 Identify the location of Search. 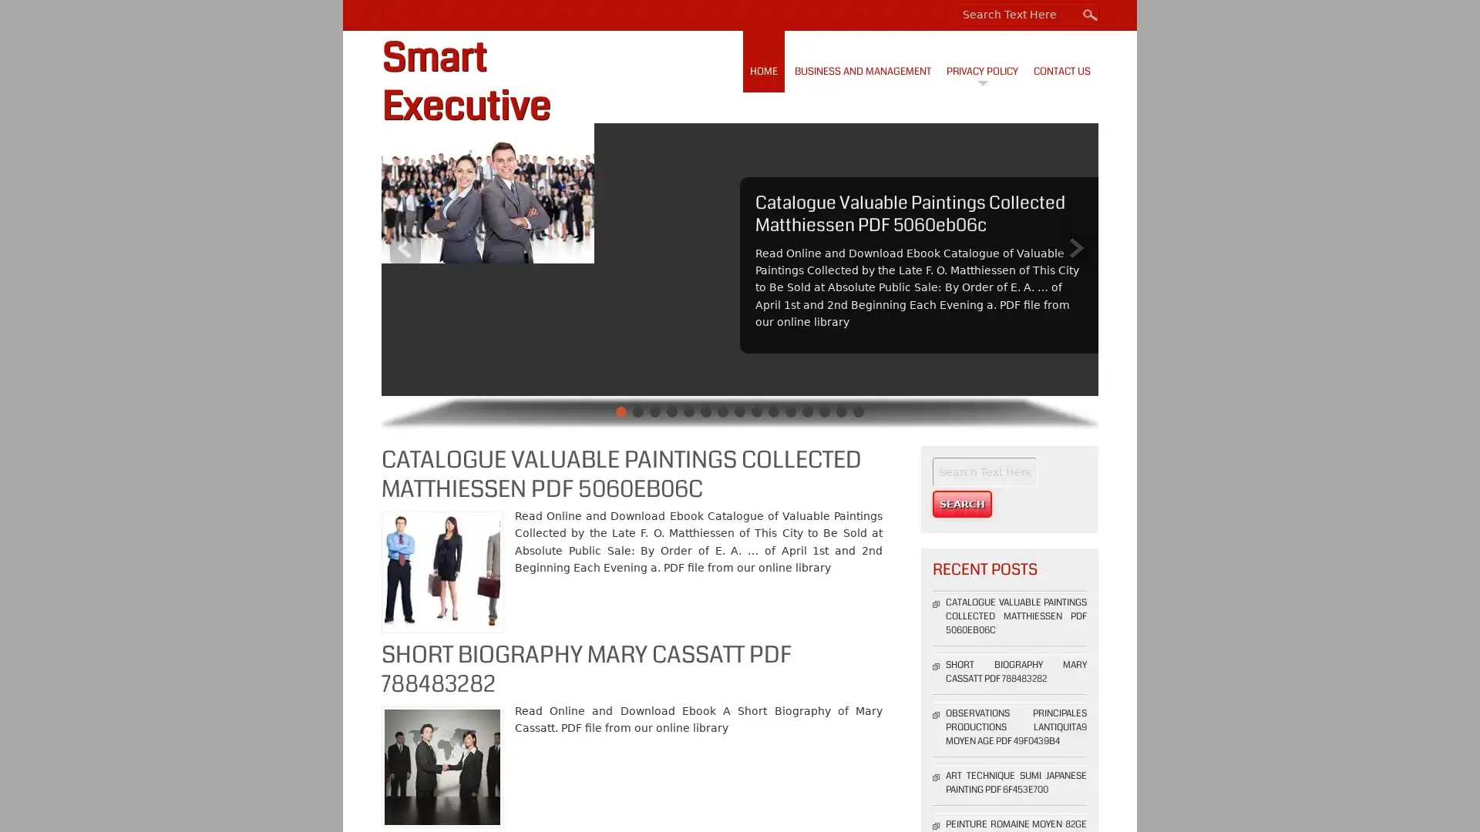
(961, 504).